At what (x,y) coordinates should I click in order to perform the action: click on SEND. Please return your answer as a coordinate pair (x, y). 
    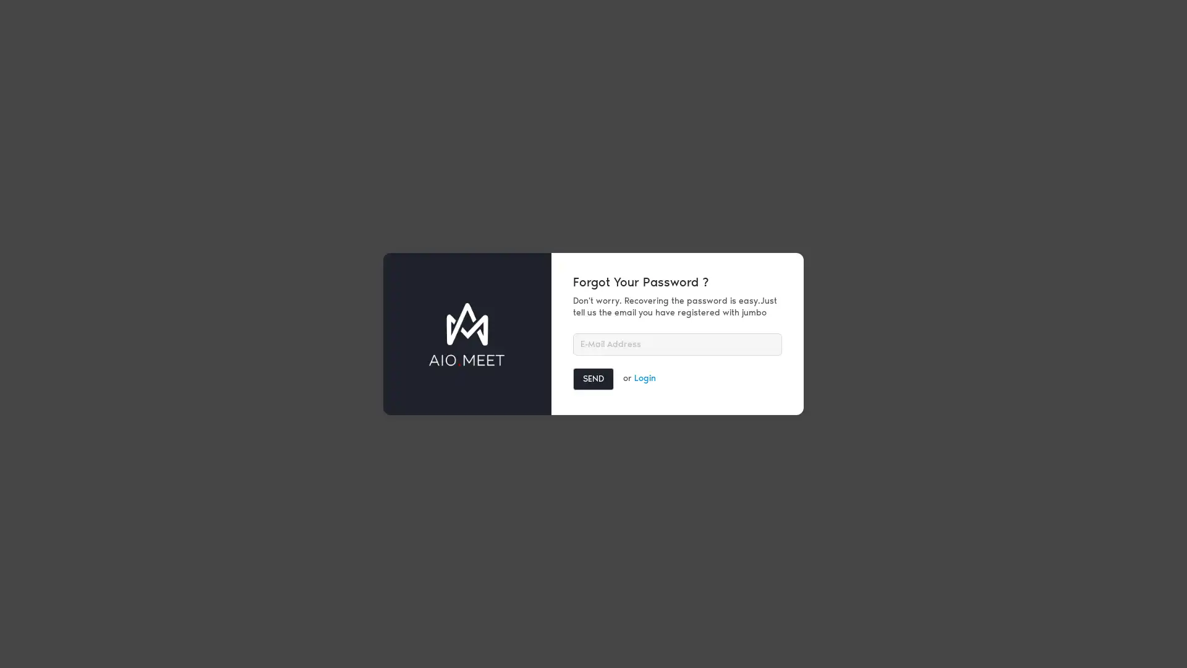
    Looking at the image, I should click on (593, 378).